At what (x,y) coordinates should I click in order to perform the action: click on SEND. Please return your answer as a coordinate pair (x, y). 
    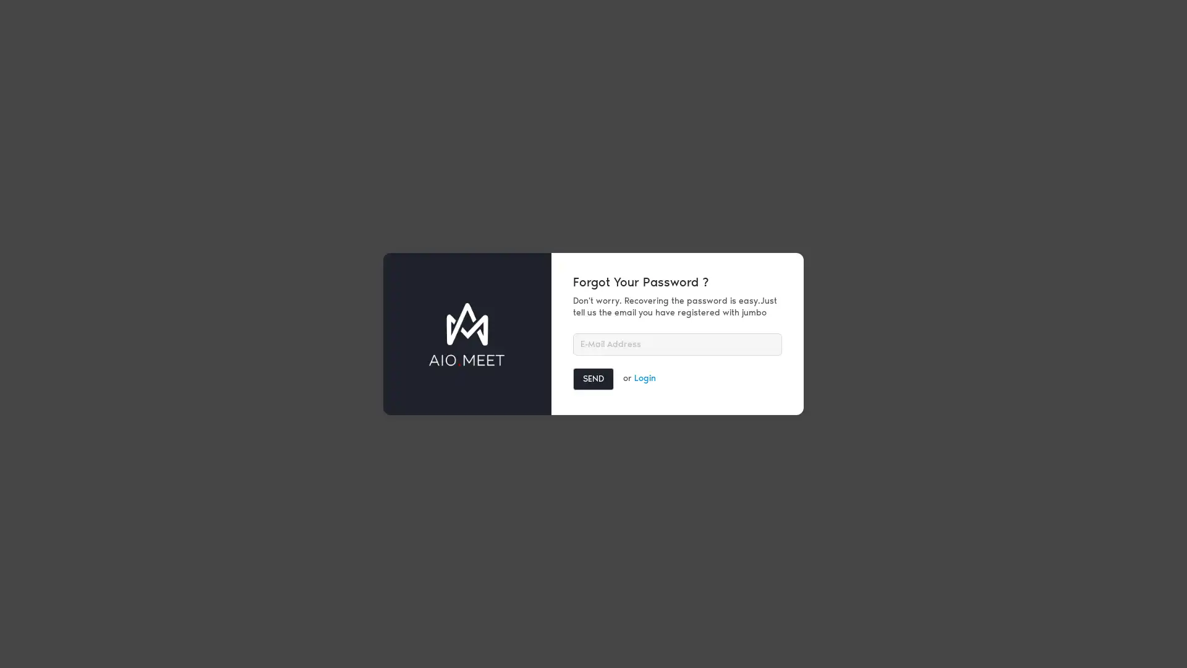
    Looking at the image, I should click on (593, 378).